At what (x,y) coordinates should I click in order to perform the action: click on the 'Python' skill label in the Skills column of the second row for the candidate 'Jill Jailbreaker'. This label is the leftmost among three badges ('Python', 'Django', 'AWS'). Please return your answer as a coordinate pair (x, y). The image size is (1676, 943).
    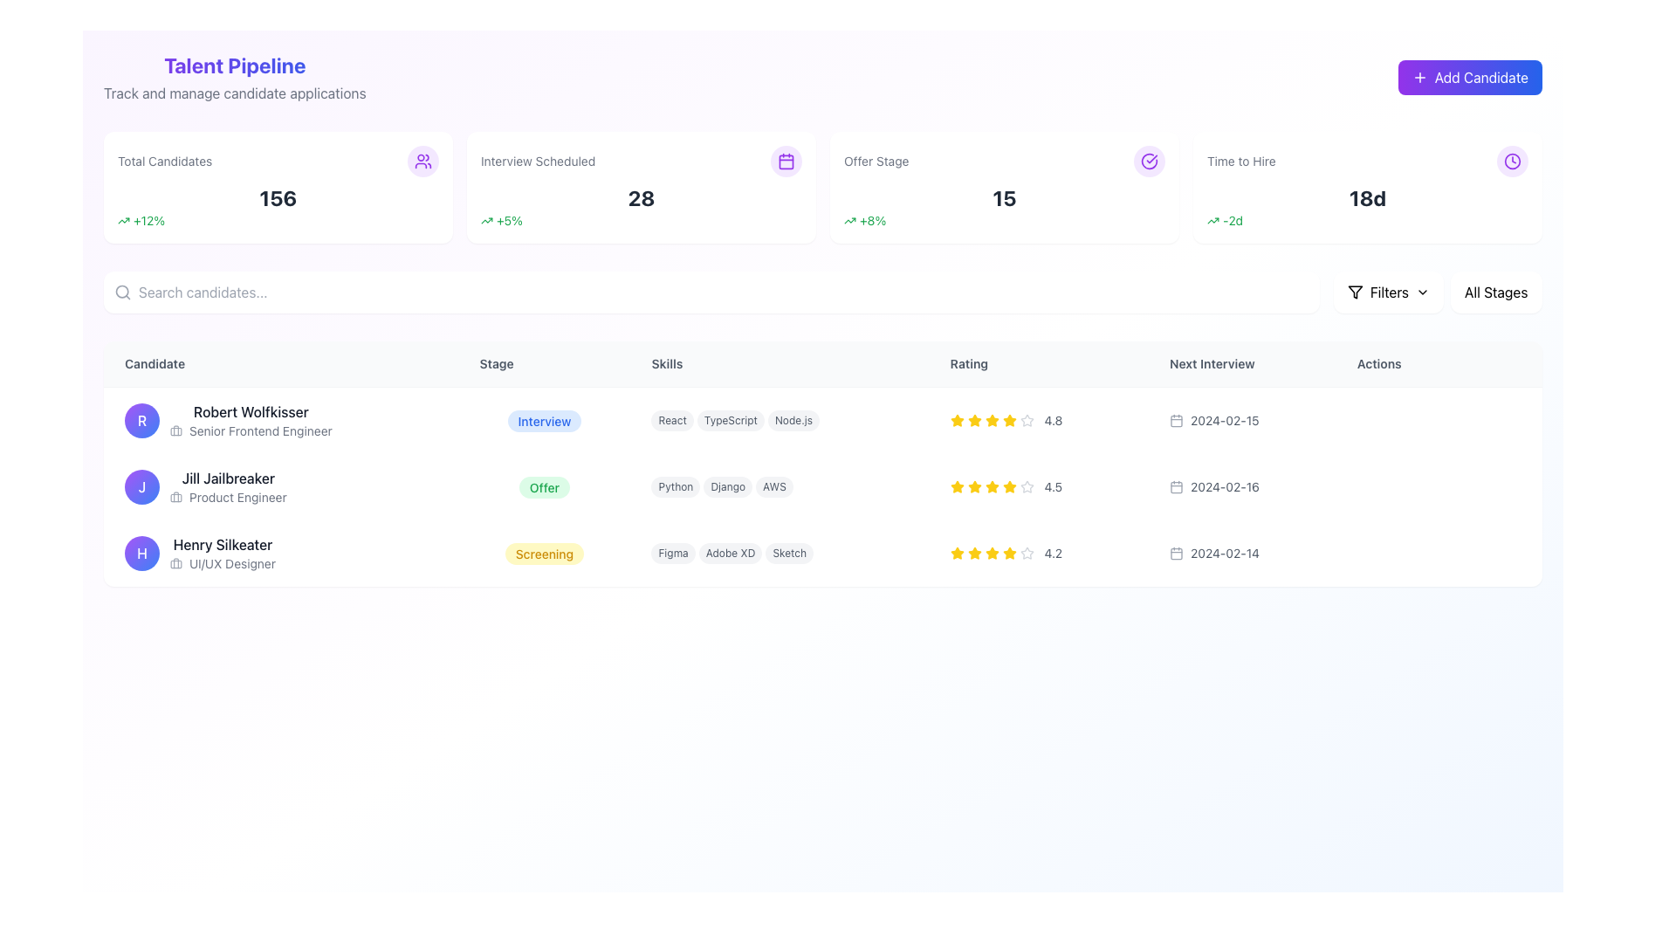
    Looking at the image, I should click on (675, 487).